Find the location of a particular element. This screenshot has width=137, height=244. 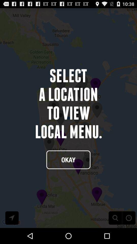

the navigation icon is located at coordinates (12, 233).